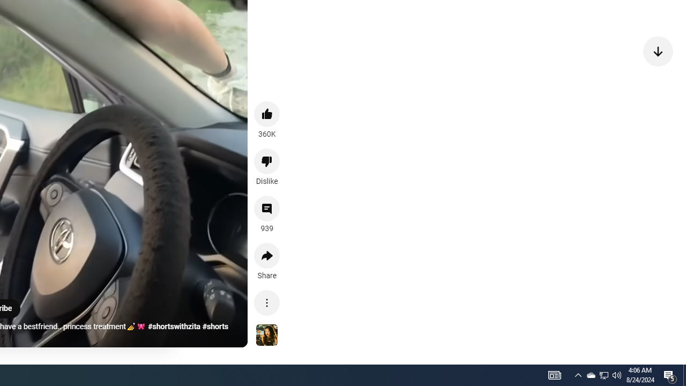 The image size is (686, 386). Describe the element at coordinates (267, 302) in the screenshot. I see `'More actions'` at that location.